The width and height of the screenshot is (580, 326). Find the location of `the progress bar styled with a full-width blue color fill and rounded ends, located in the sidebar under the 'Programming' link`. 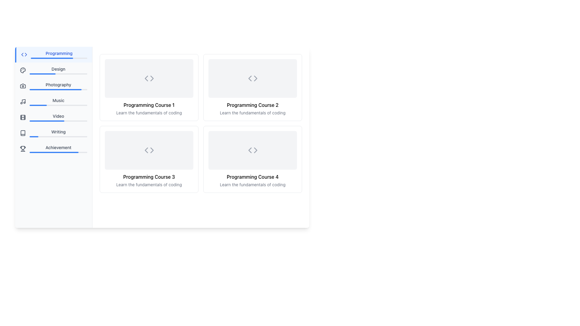

the progress bar styled with a full-width blue color fill and rounded ends, located in the sidebar under the 'Programming' link is located at coordinates (52, 58).